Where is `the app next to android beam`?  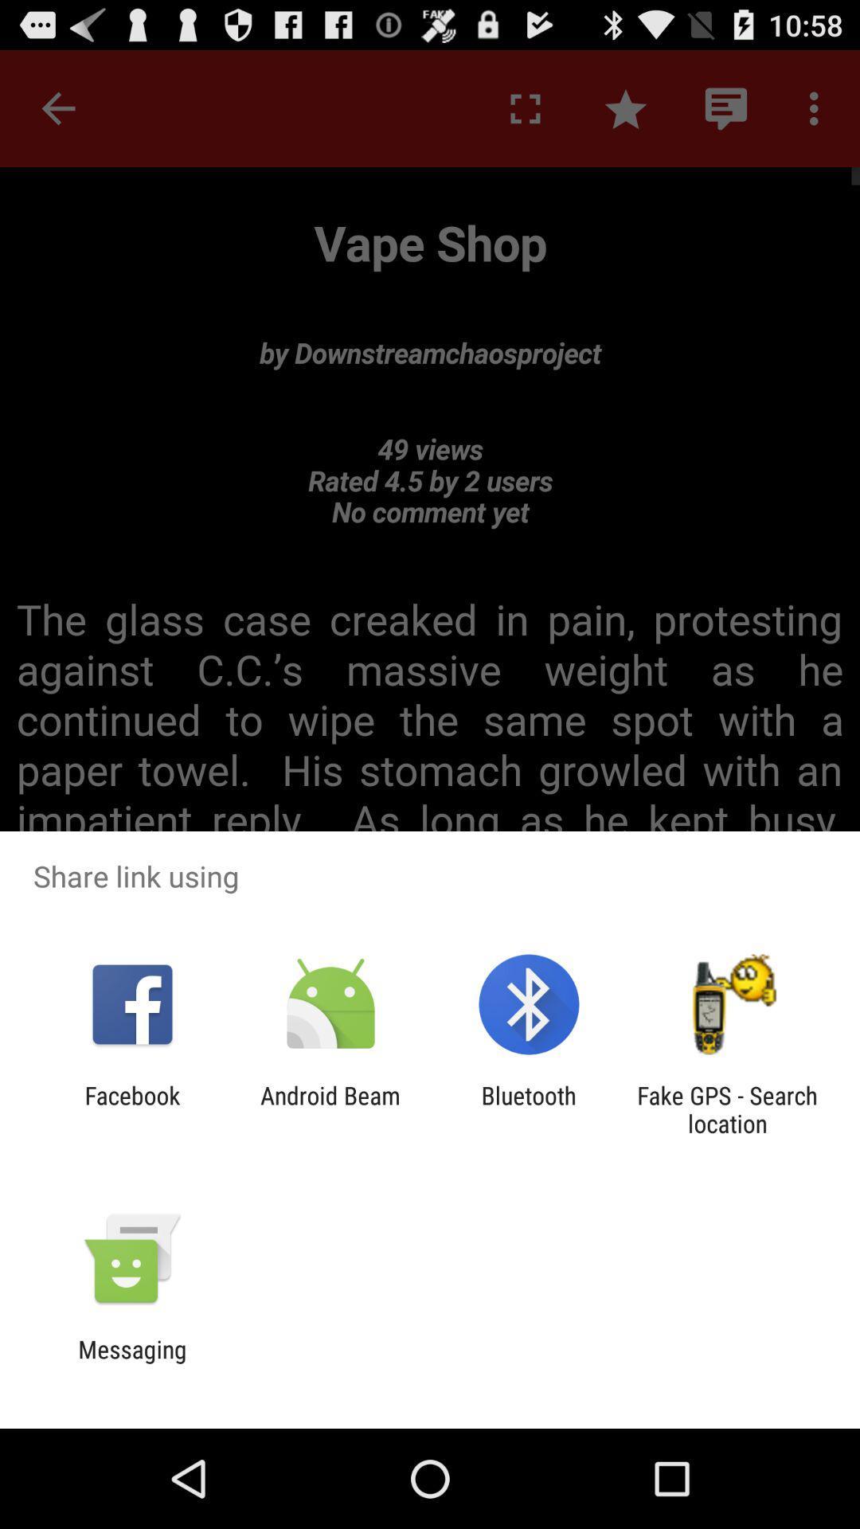 the app next to android beam is located at coordinates (529, 1109).